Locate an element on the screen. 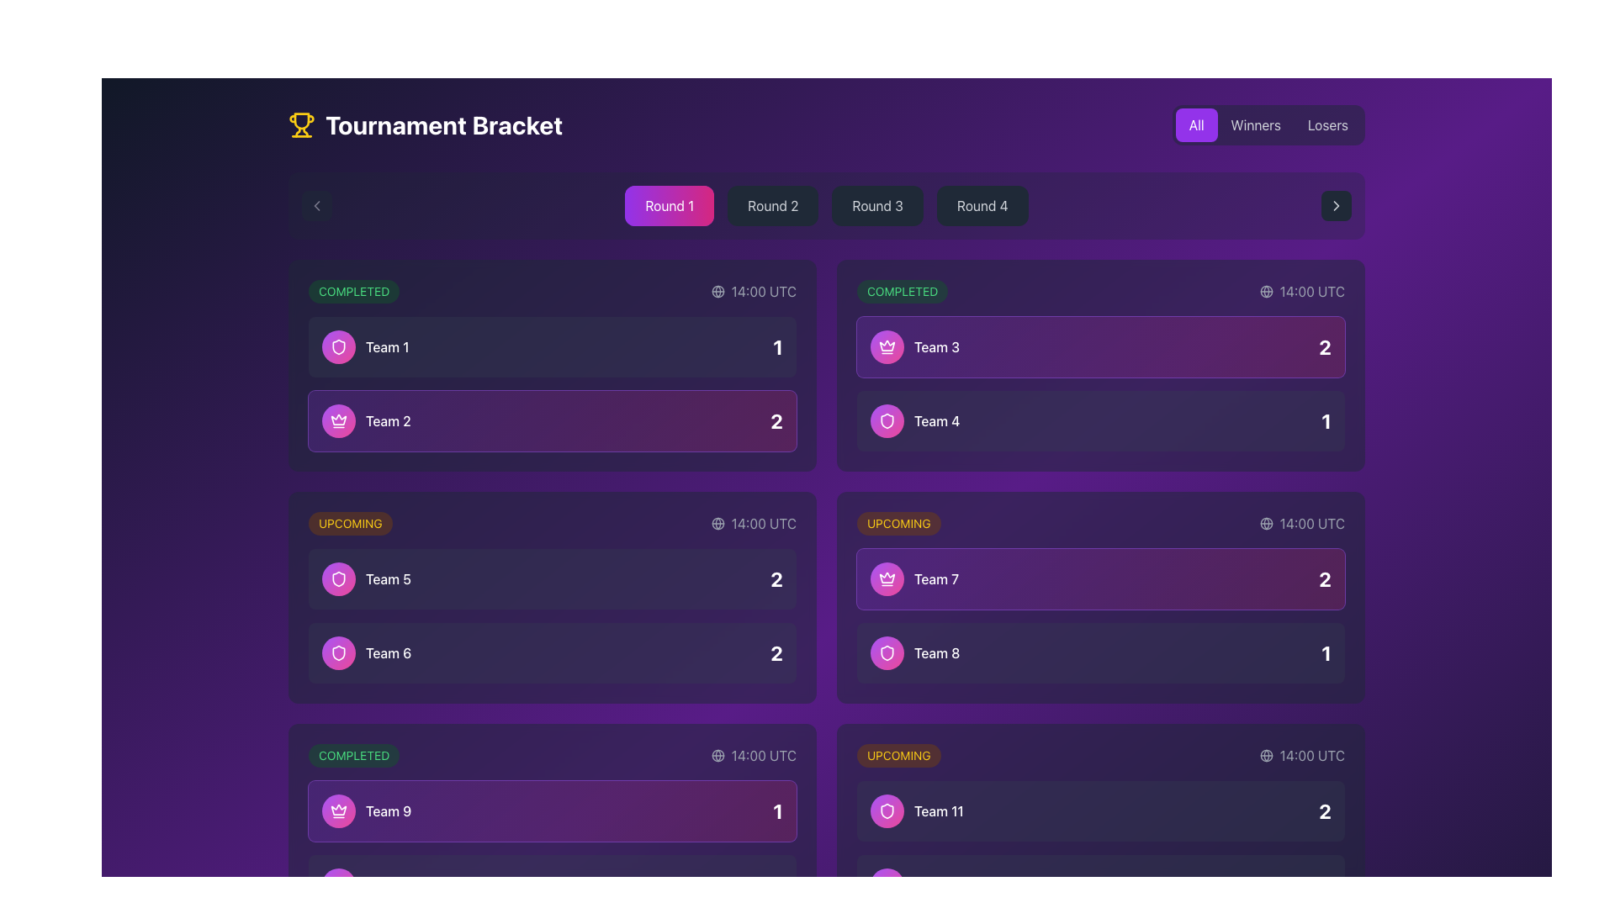  the static informational text element that displays the timestamp for an event, located to the right of the prominently styled 'UPCOMING' label is located at coordinates (1301, 754).